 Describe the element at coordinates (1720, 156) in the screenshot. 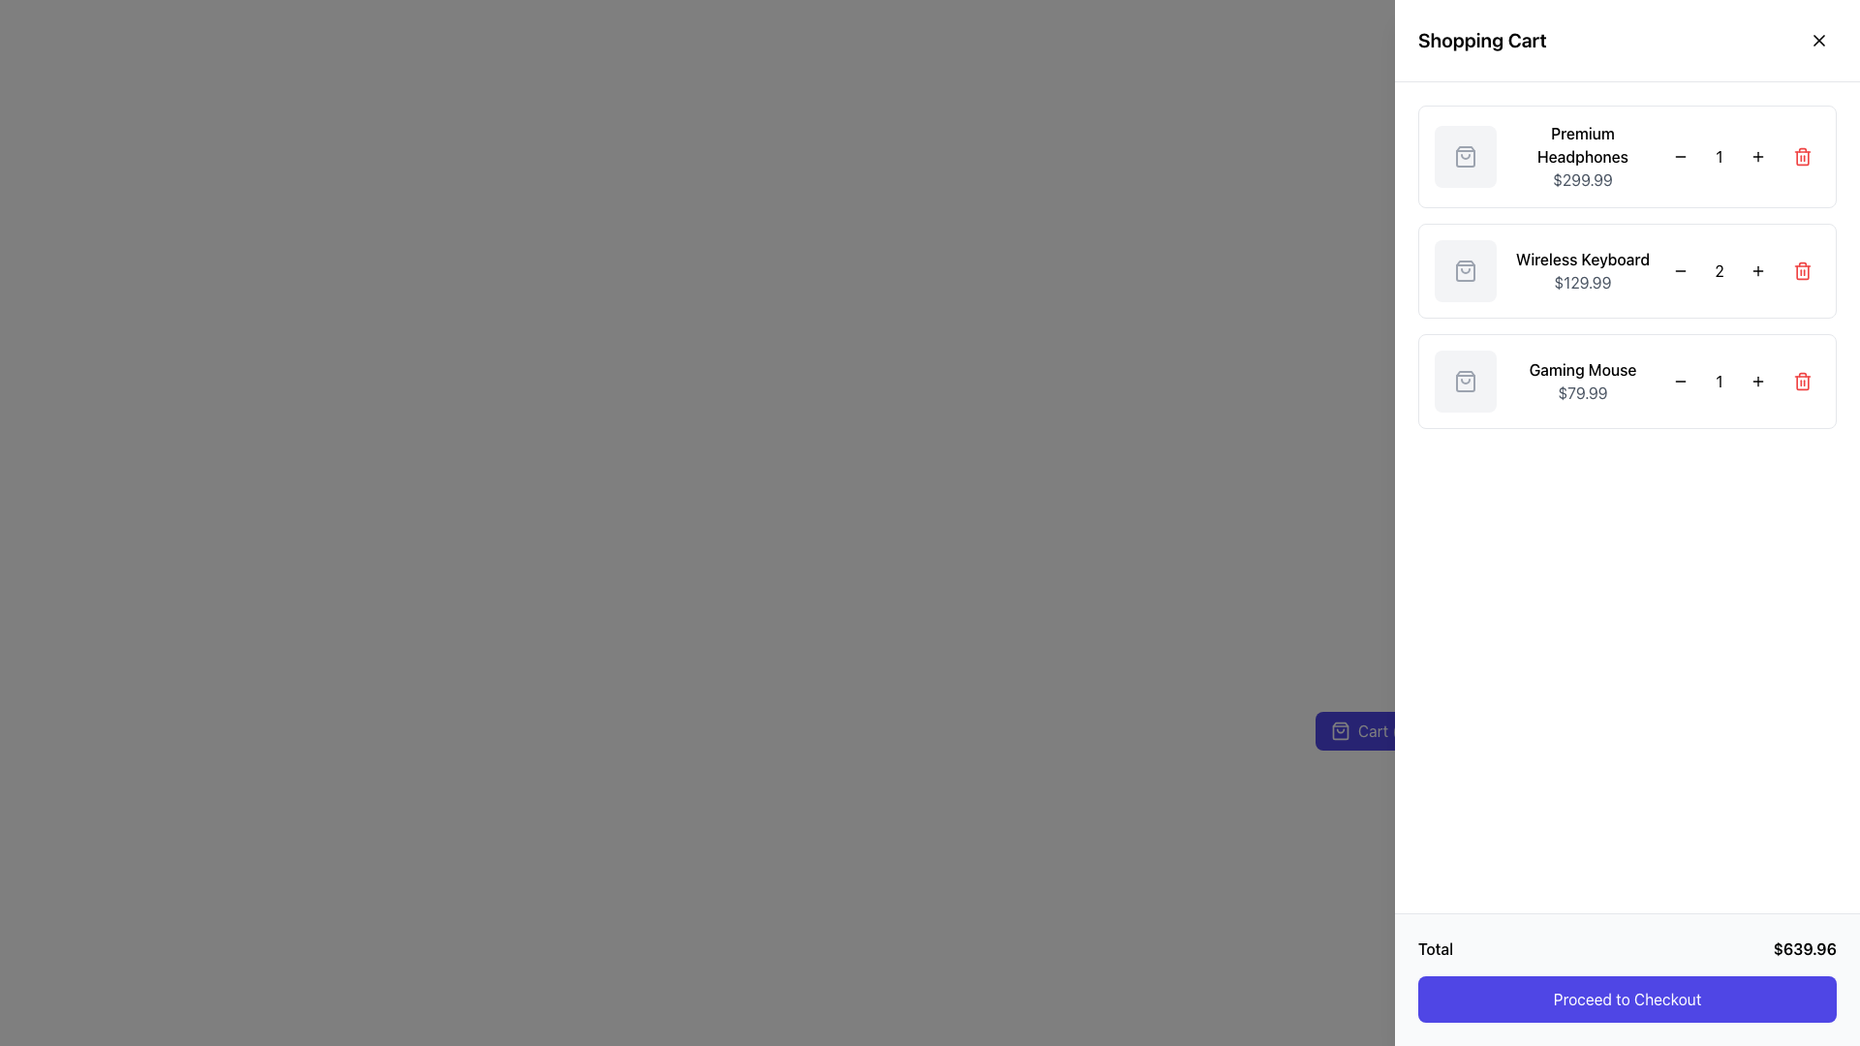

I see `the Text display that shows the current quantity of the 'Premium Headphones' in the shopping cart, located between the minus and plus buttons` at that location.